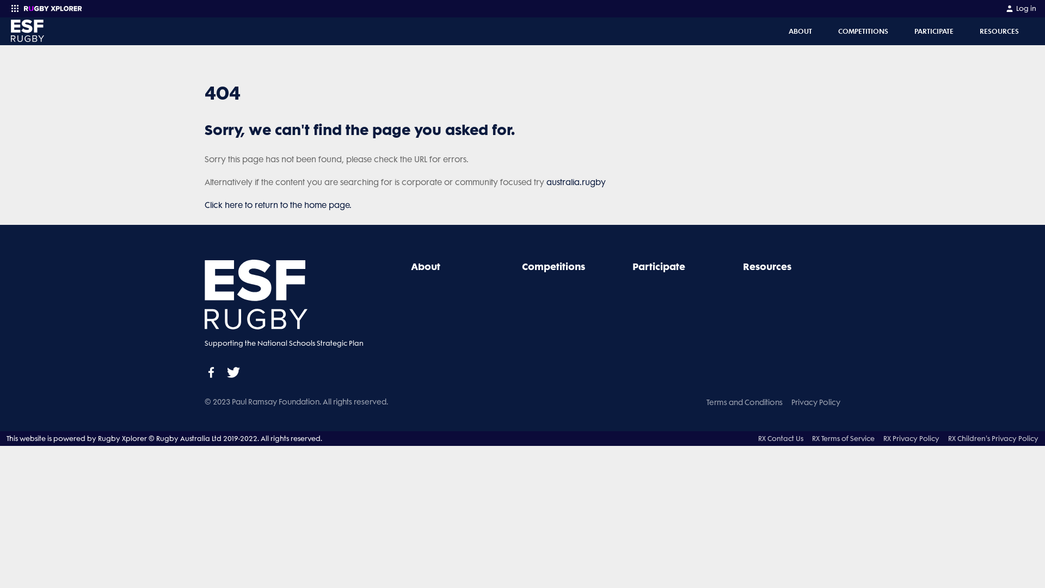  What do you see at coordinates (948, 438) in the screenshot?
I see `'RX Children's Privacy Policy'` at bounding box center [948, 438].